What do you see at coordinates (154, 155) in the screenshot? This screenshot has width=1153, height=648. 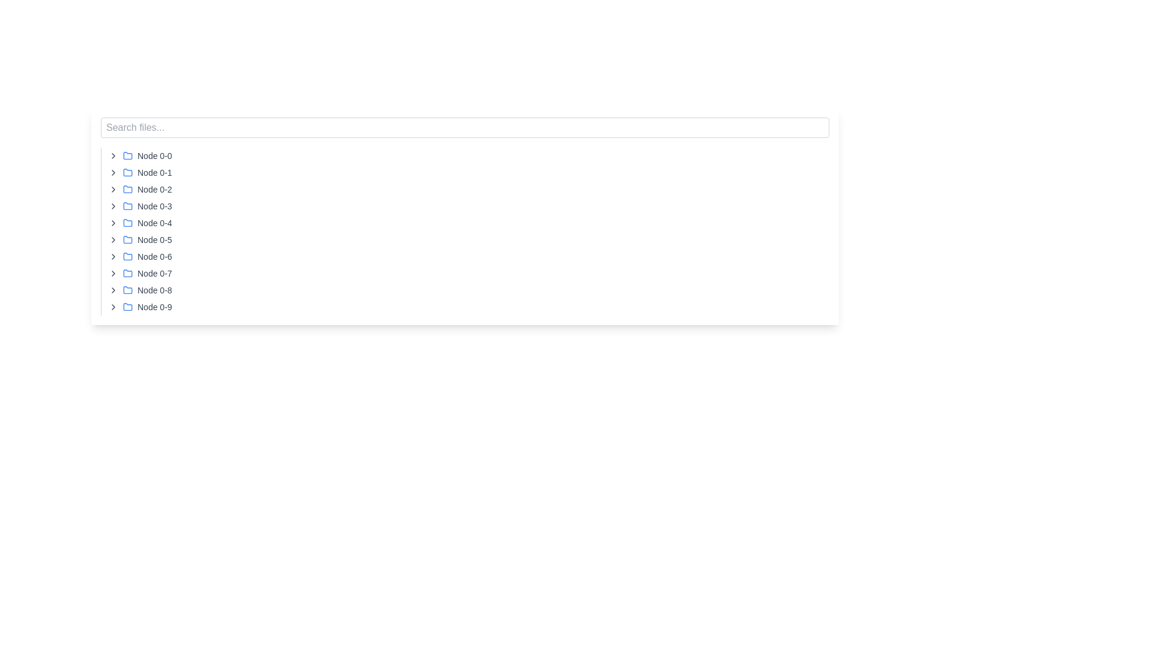 I see `the text label 'Node 0-0' located next to the blue folder icon` at bounding box center [154, 155].